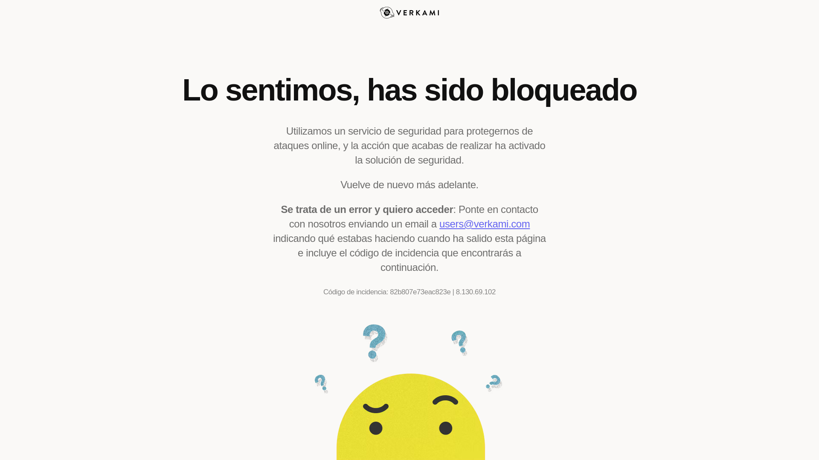  What do you see at coordinates (485, 223) in the screenshot?
I see `'users@verkami.com'` at bounding box center [485, 223].